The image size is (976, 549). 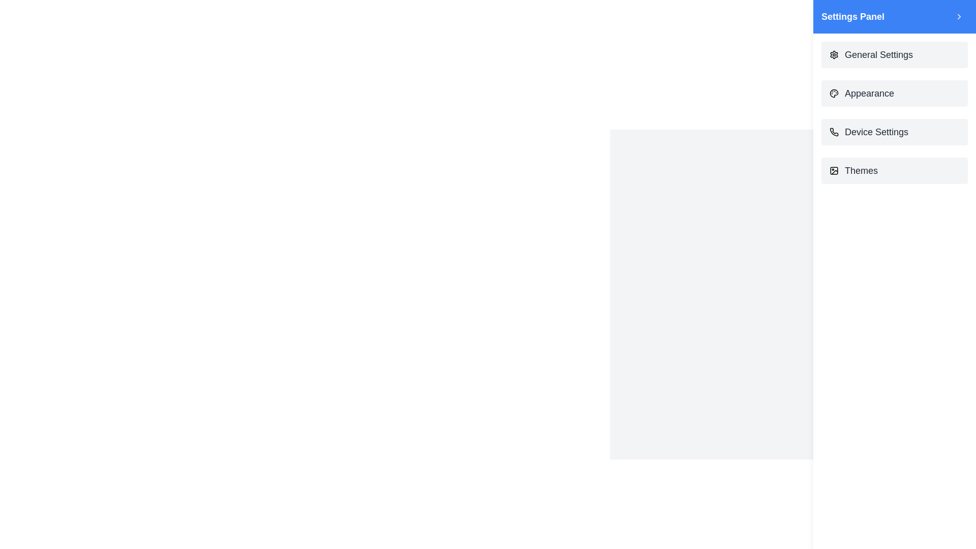 I want to click on the icon positioned to the left of the 'General Settings' text, so click(x=834, y=55).